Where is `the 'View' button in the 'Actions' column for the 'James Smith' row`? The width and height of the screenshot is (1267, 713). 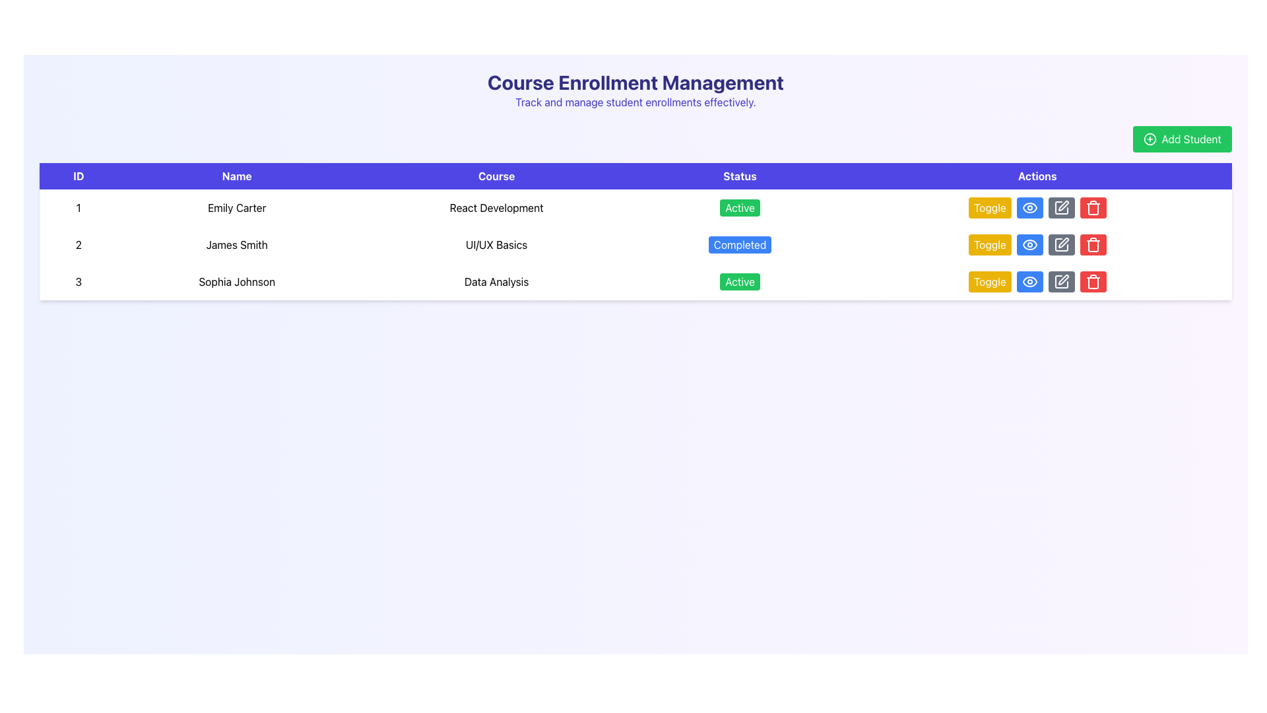
the 'View' button in the 'Actions' column for the 'James Smith' row is located at coordinates (1029, 208).